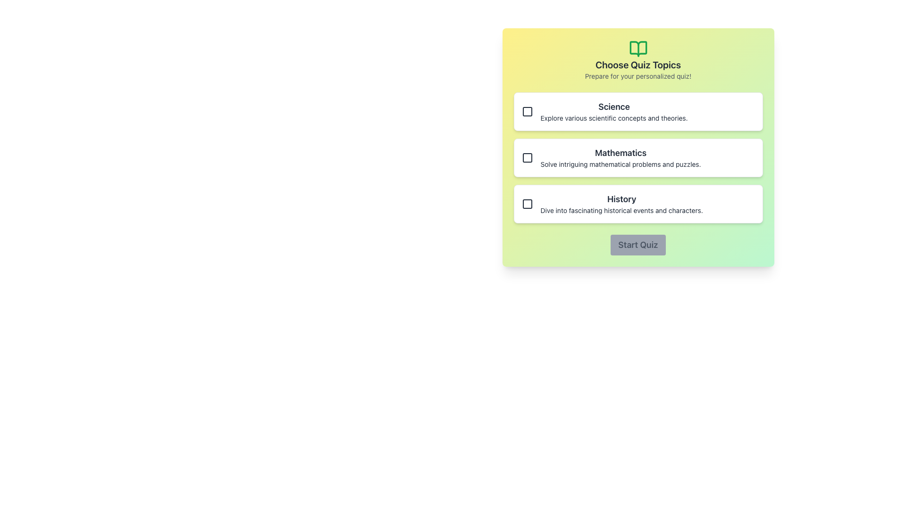 This screenshot has height=509, width=906. I want to click on description text of the first card in the topic choices, which includes 'Science' in bold and 'Explore various scientific concepts and theories' in regular font, so click(614, 111).